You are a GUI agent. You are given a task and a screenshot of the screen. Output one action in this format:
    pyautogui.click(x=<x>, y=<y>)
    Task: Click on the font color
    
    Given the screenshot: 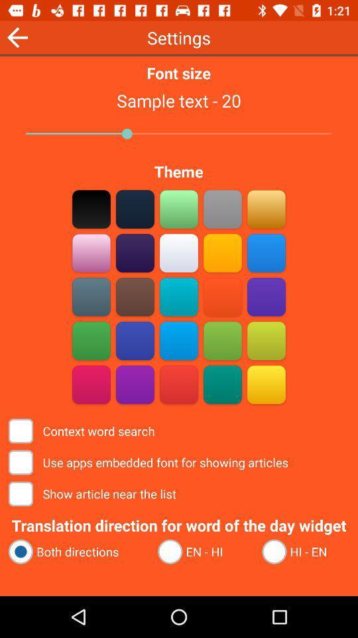 What is the action you would take?
    pyautogui.click(x=91, y=209)
    